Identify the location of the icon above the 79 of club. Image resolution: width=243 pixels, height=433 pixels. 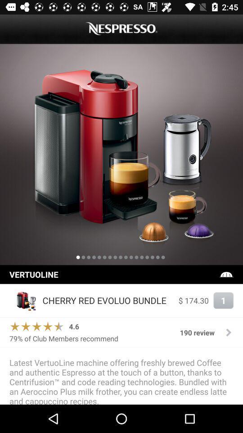
(73, 326).